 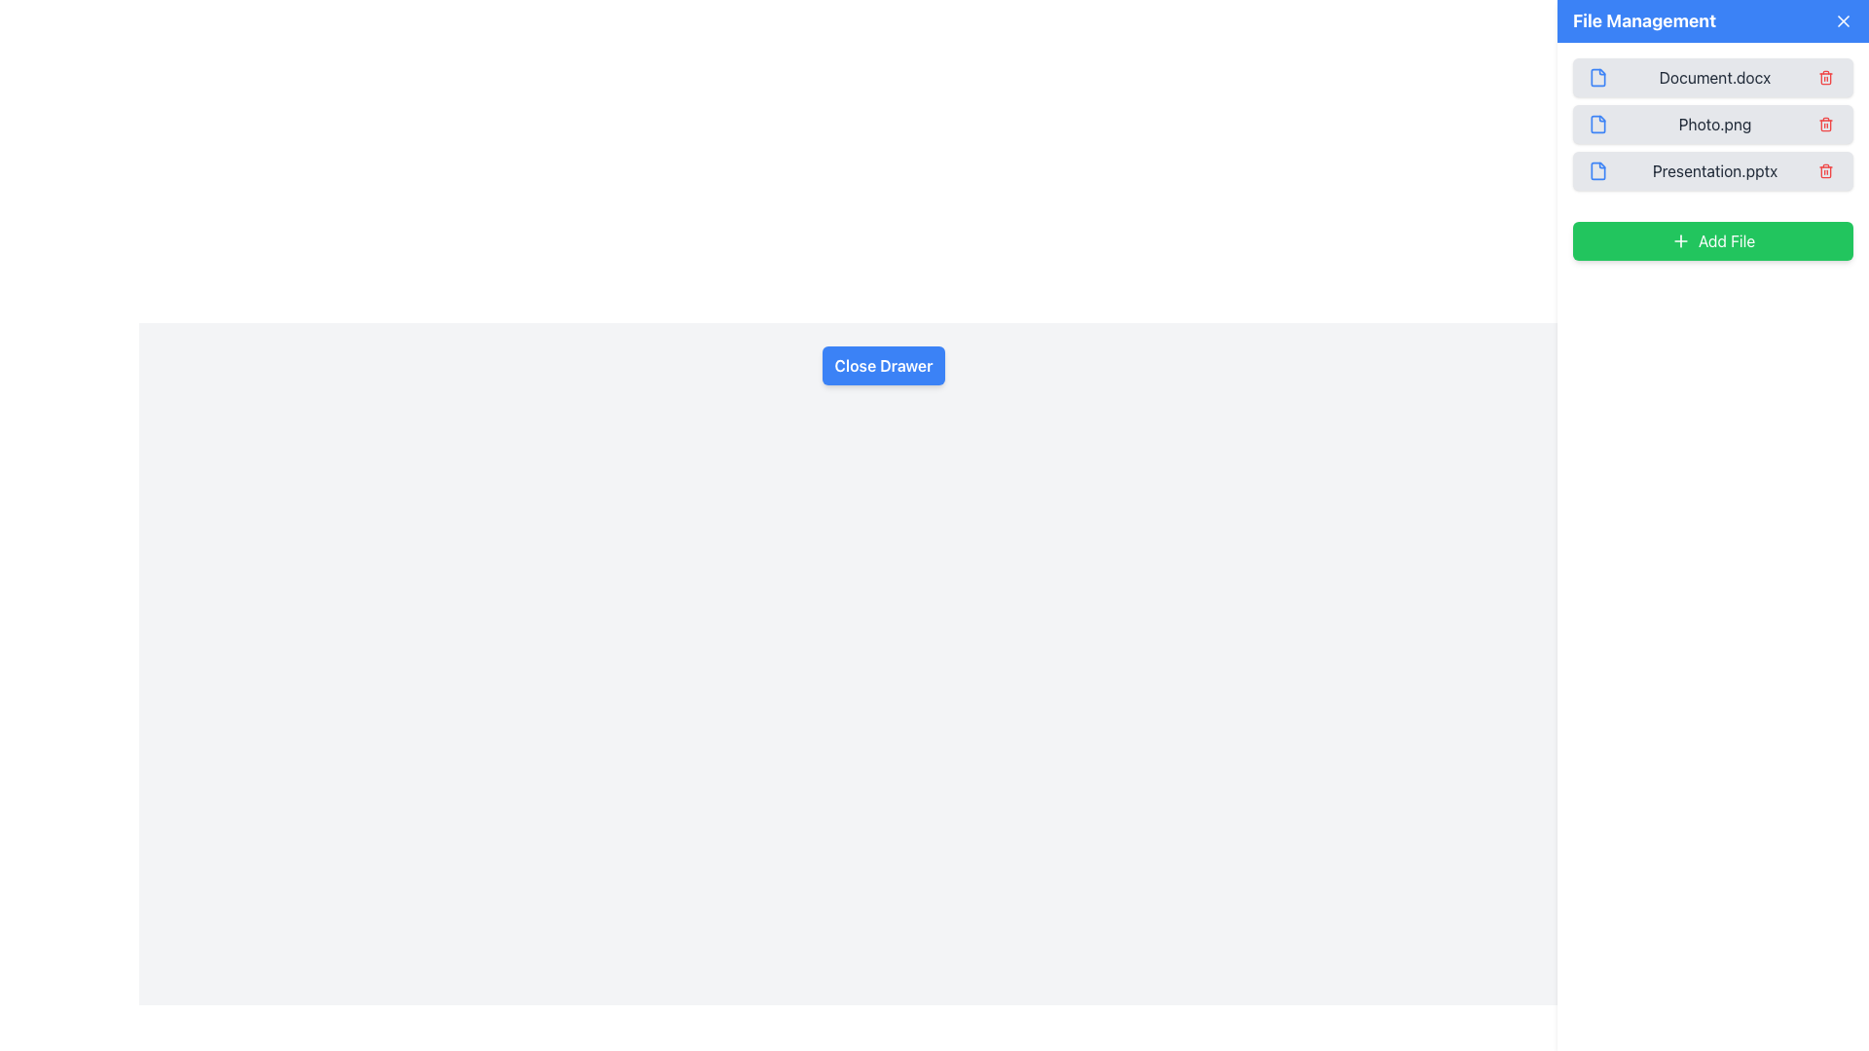 What do you see at coordinates (882, 365) in the screenshot?
I see `the blue 'Close Drawer' button with rounded corners` at bounding box center [882, 365].